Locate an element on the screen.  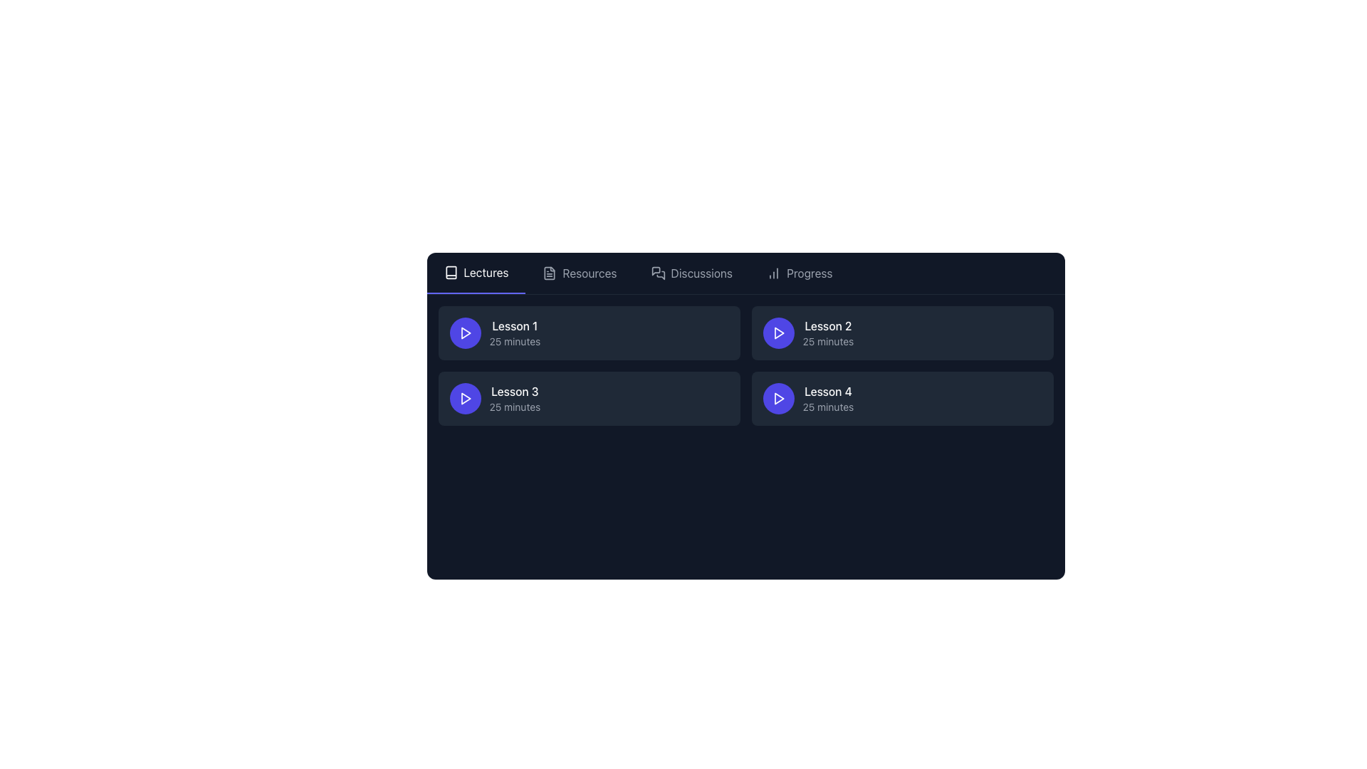
duration information displayed in the text label indicating '25 minutes', which is located directly below 'Lesson 4' in the bottom-right corner of the grid layout is located at coordinates (828, 407).